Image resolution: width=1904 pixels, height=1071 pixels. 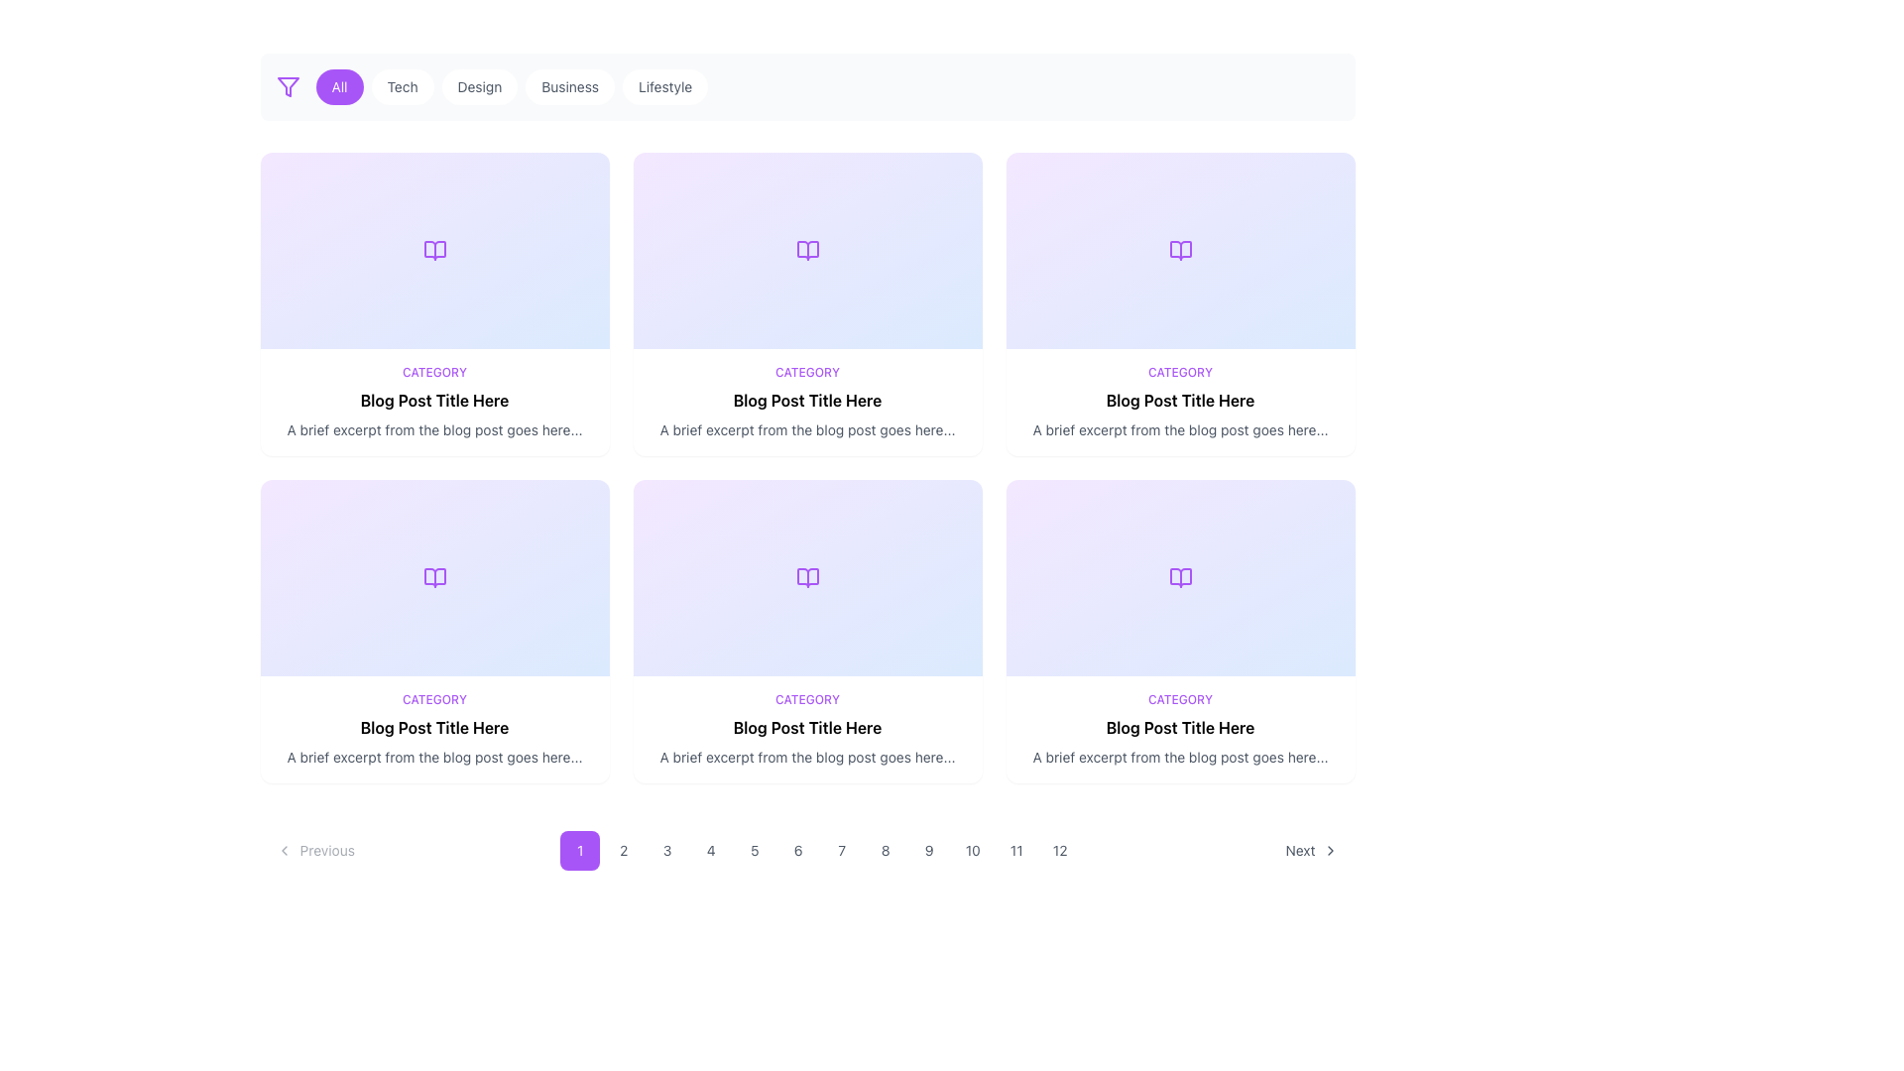 I want to click on the reading or literature icon located in the center of the third card in the second row of the grid layout, so click(x=807, y=577).